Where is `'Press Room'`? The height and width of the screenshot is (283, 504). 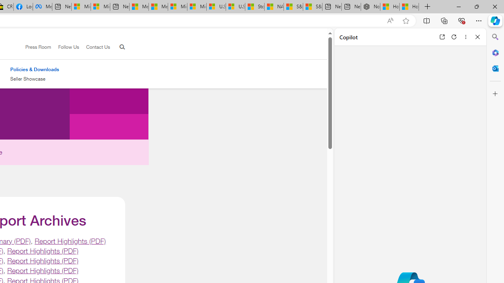
'Press Room' is located at coordinates (38, 47).